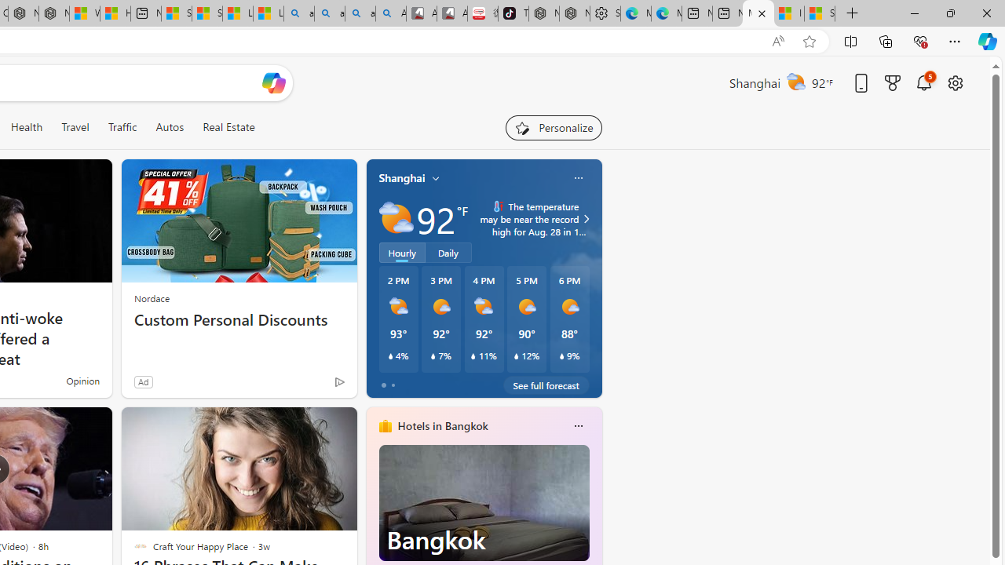 This screenshot has width=1005, height=565. Describe the element at coordinates (546, 385) in the screenshot. I see `'See full forecast'` at that location.